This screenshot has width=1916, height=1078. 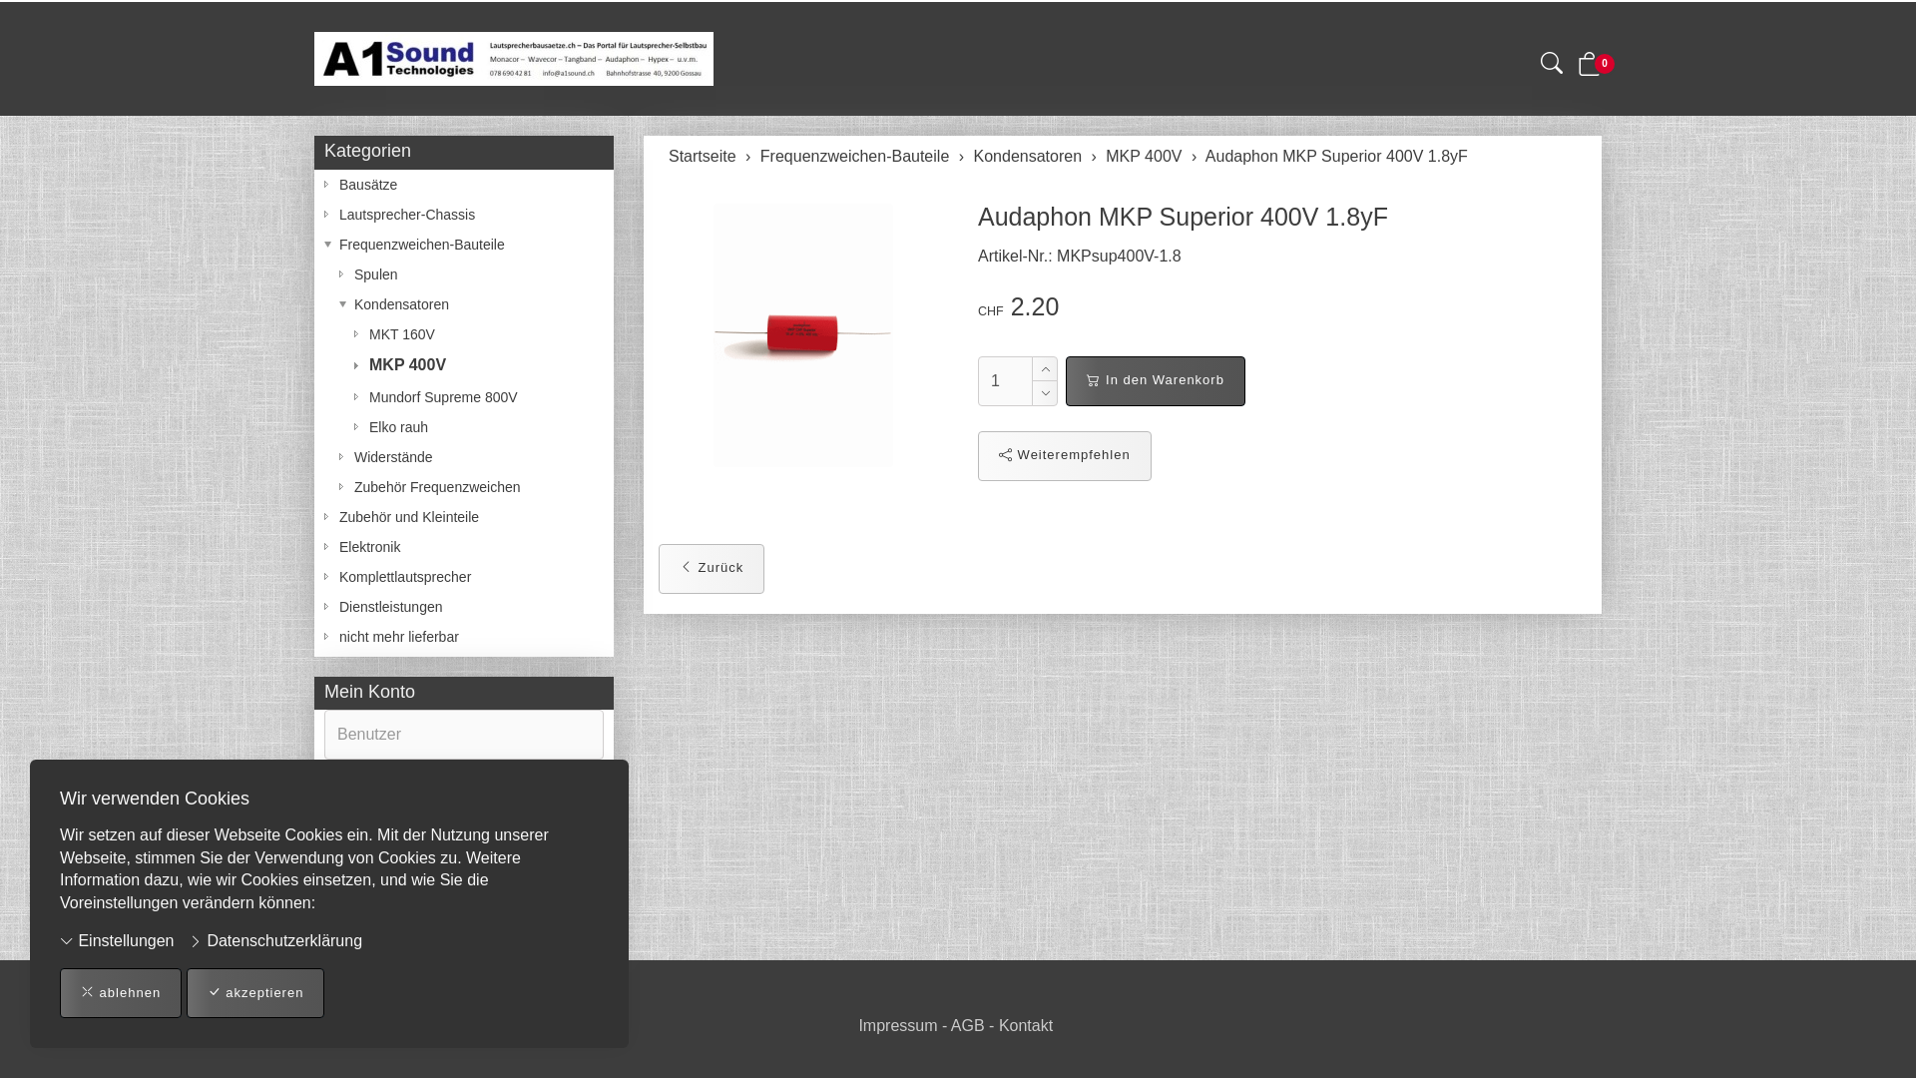 I want to click on 'Elektronik', so click(x=463, y=546).